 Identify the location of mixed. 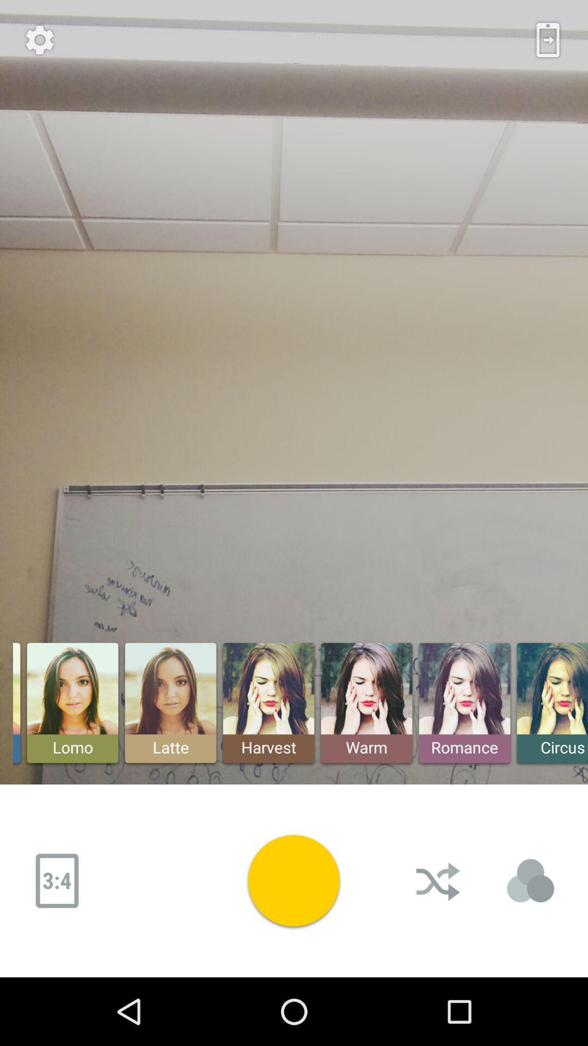
(438, 881).